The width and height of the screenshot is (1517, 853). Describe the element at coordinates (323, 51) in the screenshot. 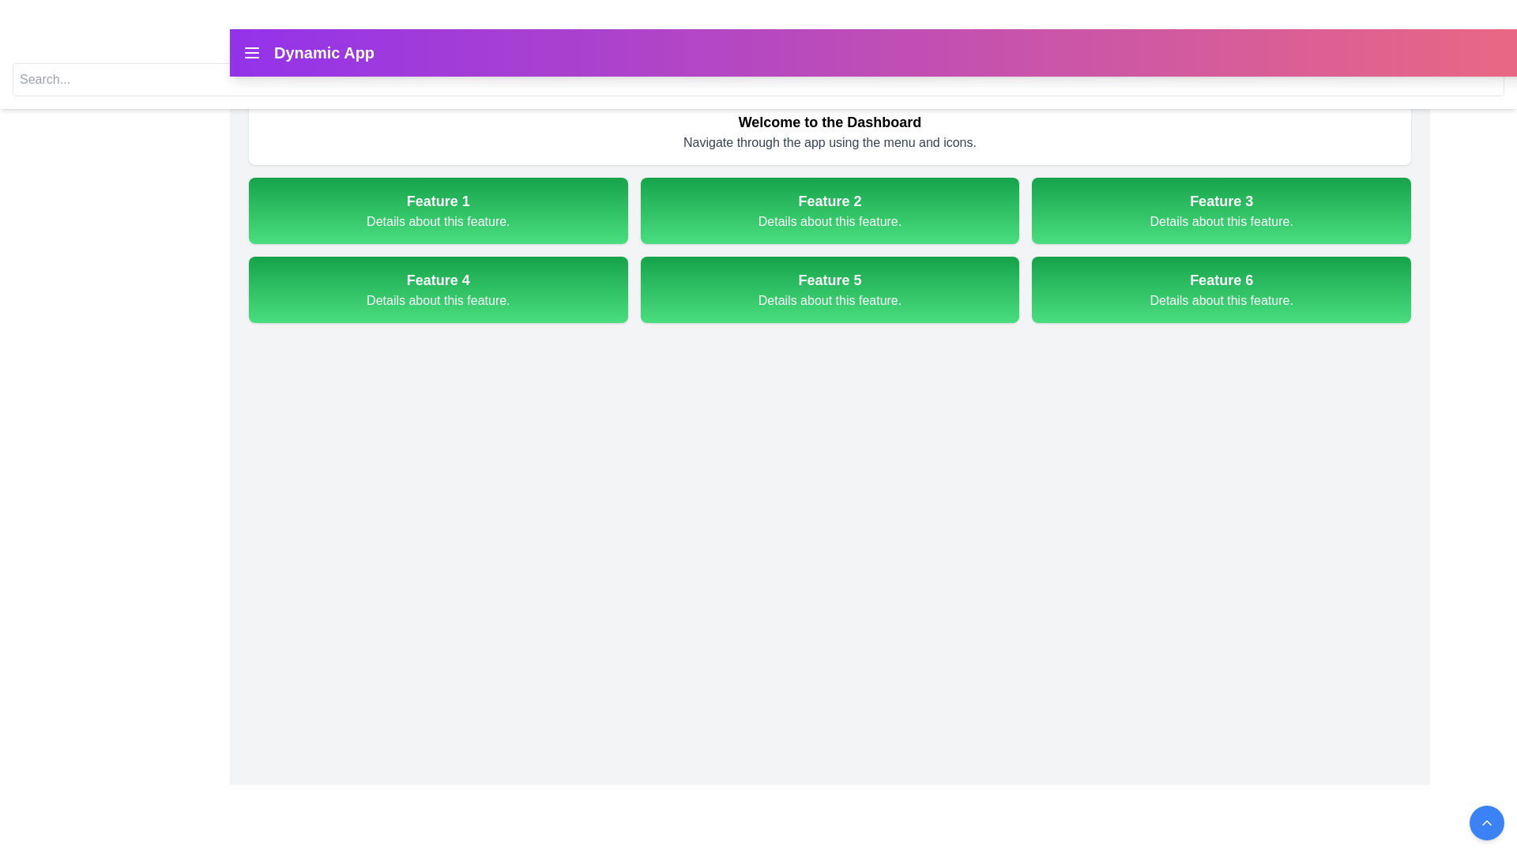

I see `the static text displaying the application name, which is centrally aligned in the purple header bar at the top of the page` at that location.